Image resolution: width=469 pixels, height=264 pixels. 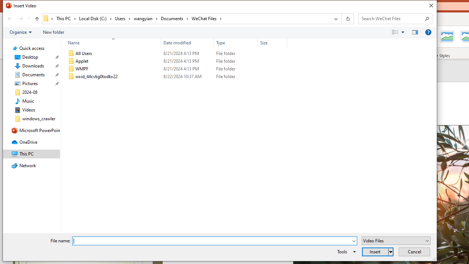 What do you see at coordinates (10, 18) in the screenshot?
I see `'Back (Alt + Left Arrow)'` at bounding box center [10, 18].